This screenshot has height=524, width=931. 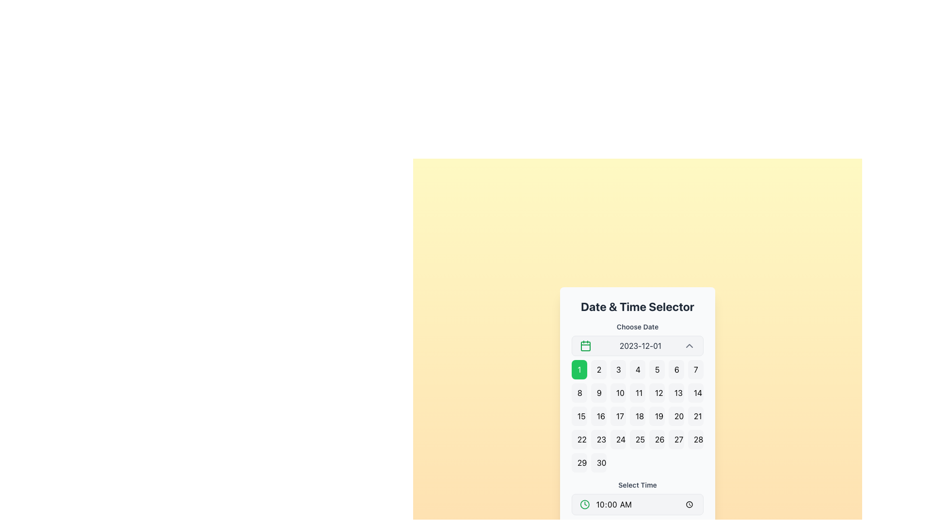 I want to click on the date selection button located in the fourth row and second column of the date picker, so click(x=598, y=440).